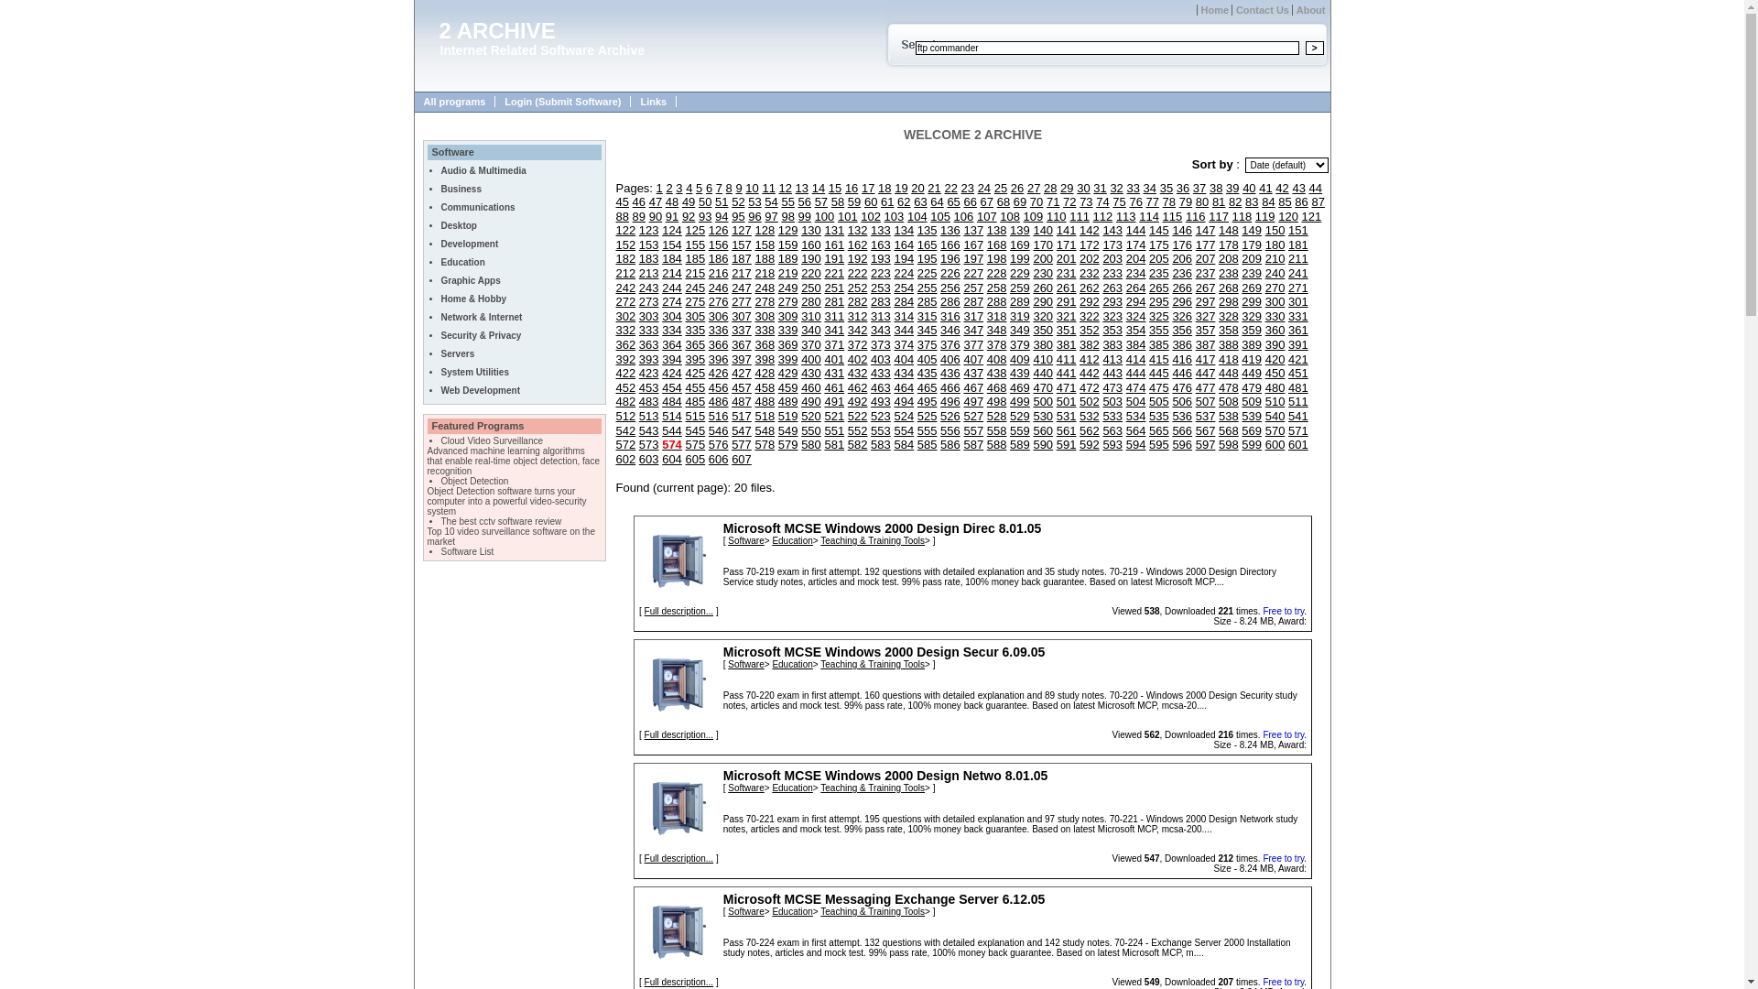 The image size is (1758, 989). Describe the element at coordinates (649, 416) in the screenshot. I see `'513'` at that location.